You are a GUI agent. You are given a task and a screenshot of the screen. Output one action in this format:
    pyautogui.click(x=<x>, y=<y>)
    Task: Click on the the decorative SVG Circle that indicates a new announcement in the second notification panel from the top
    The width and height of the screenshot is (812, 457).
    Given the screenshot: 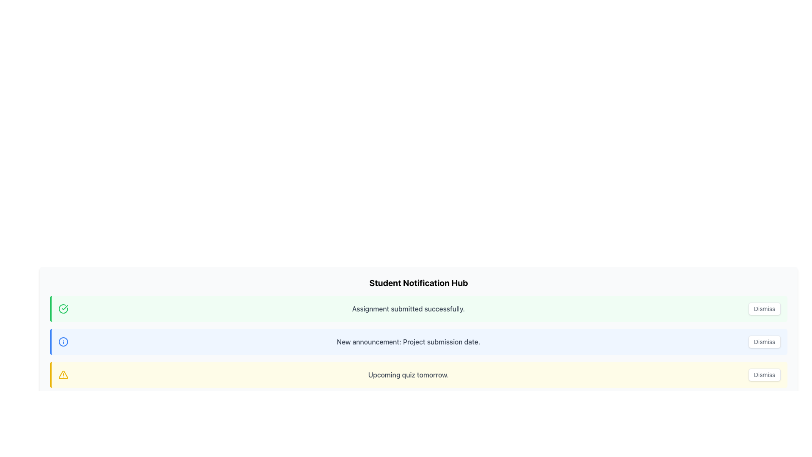 What is the action you would take?
    pyautogui.click(x=63, y=341)
    